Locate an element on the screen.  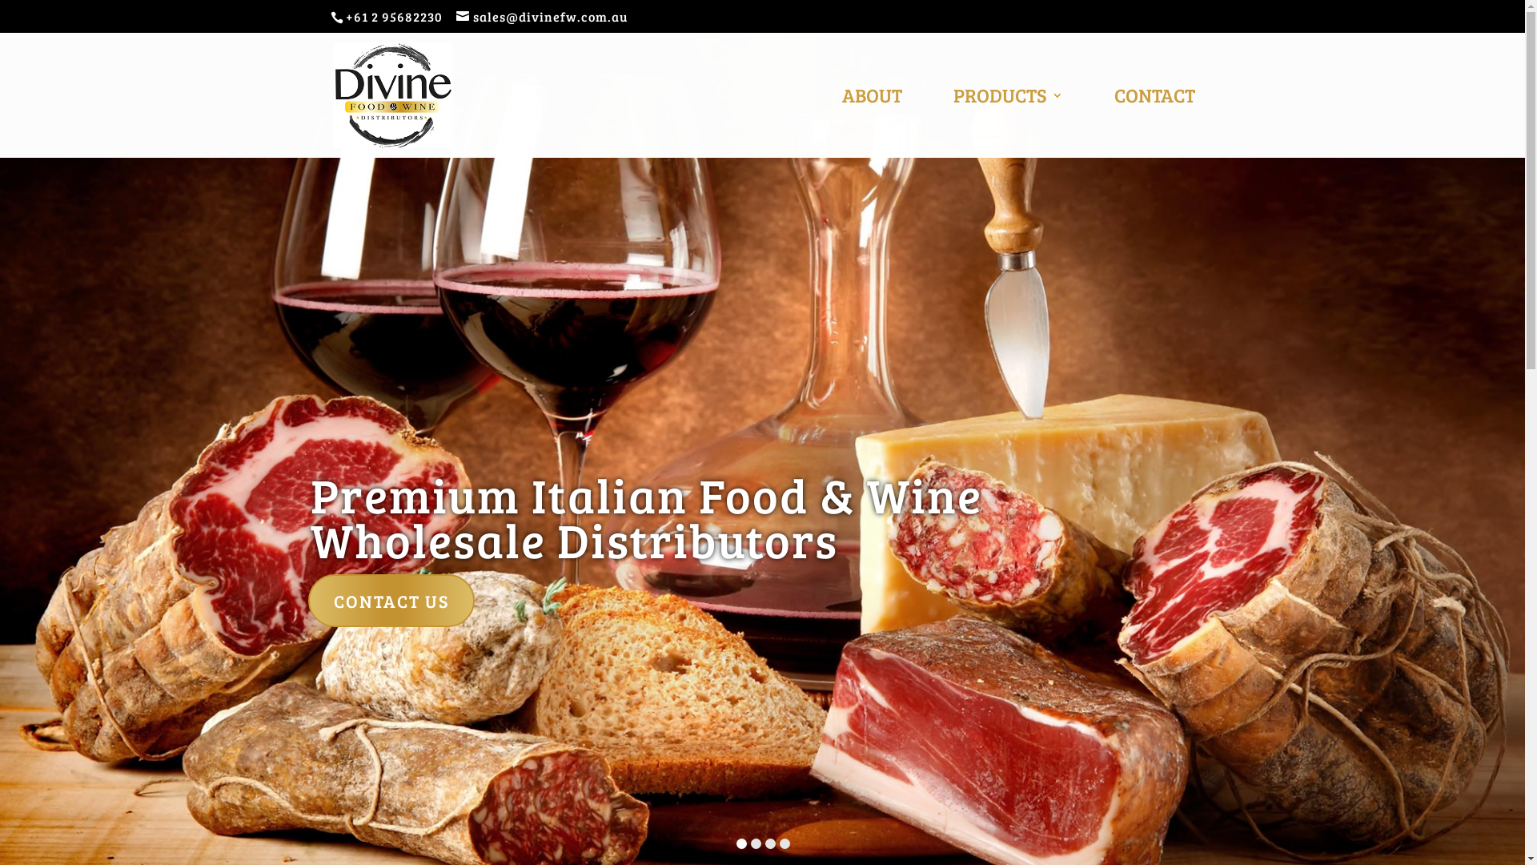
'CONTACT' is located at coordinates (1154, 123).